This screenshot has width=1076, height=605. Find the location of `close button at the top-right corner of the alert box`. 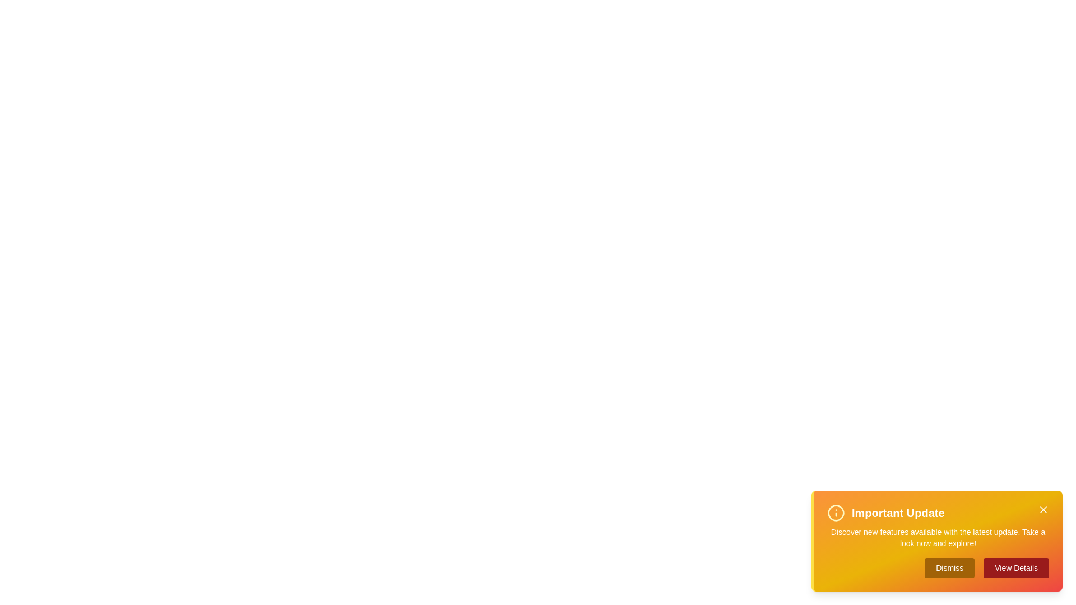

close button at the top-right corner of the alert box is located at coordinates (1043, 510).